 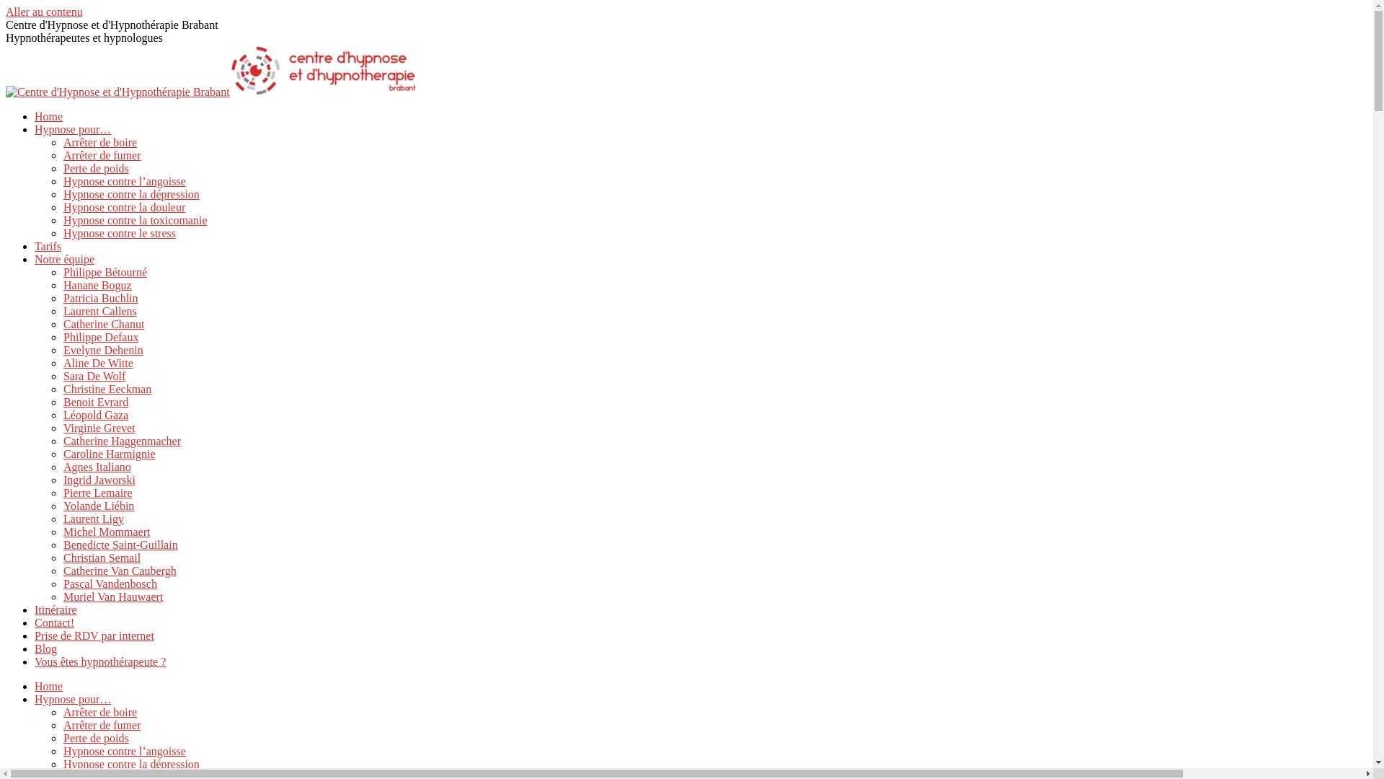 What do you see at coordinates (92, 518) in the screenshot?
I see `'Laurent Ligy'` at bounding box center [92, 518].